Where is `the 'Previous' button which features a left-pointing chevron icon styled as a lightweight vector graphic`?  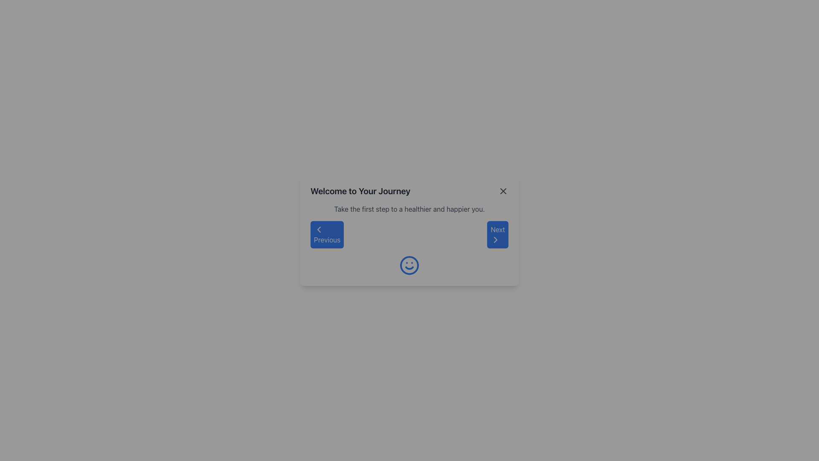 the 'Previous' button which features a left-pointing chevron icon styled as a lightweight vector graphic is located at coordinates (319, 229).